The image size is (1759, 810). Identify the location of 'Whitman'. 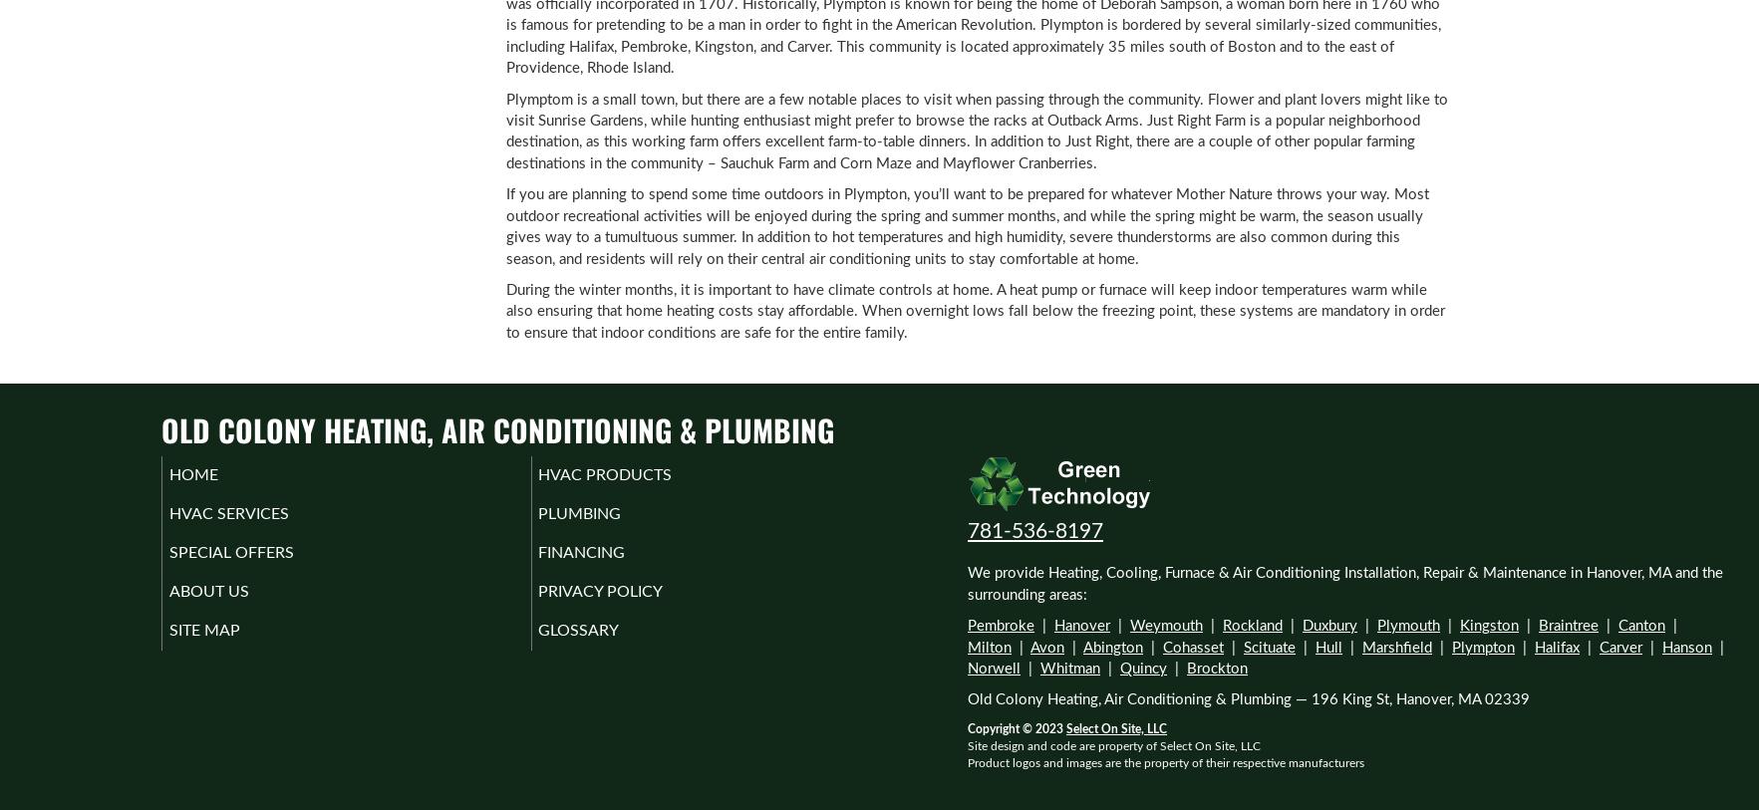
(1070, 668).